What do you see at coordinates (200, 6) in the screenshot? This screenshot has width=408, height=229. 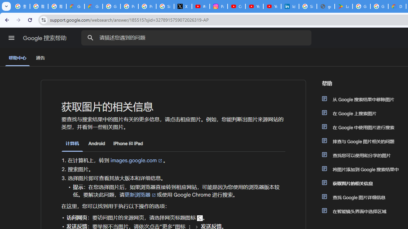 I see `'#nbabasketballhighlights - YouTube'` at bounding box center [200, 6].